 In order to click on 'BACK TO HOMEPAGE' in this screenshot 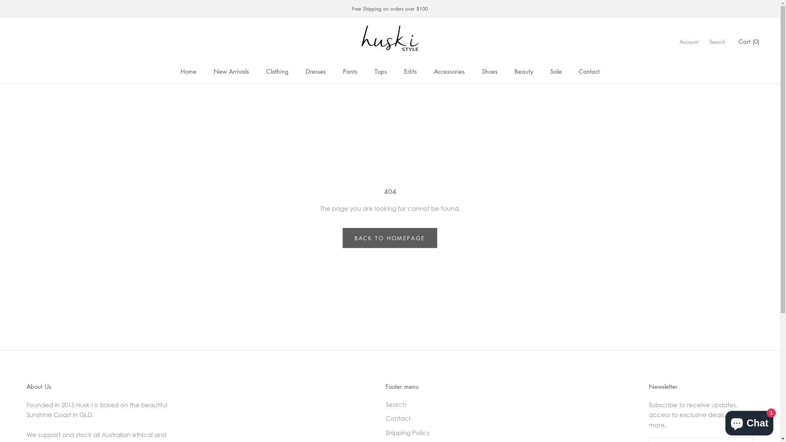, I will do `click(389, 238)`.